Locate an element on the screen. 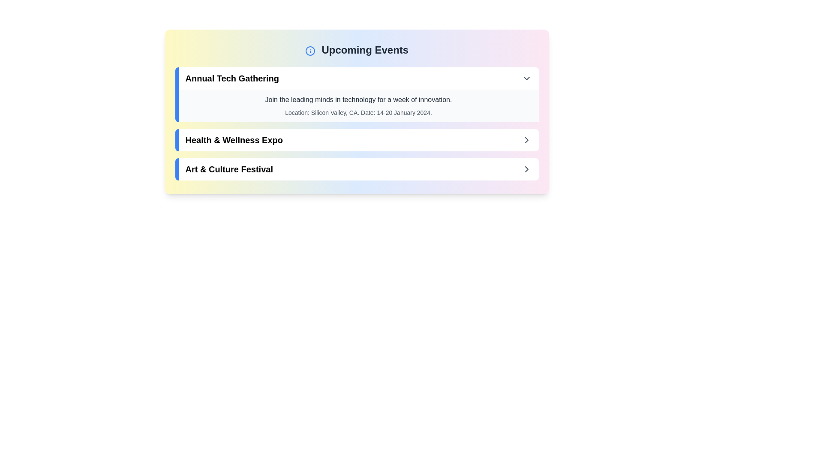 This screenshot has width=823, height=463. the right-facing Chevron icon in the 'Art & Culture Festival' card is located at coordinates (526, 169).